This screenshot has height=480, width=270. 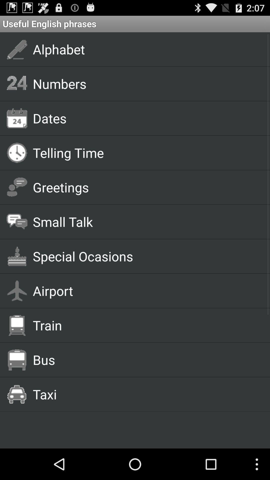 I want to click on app below useful english phrases item, so click(x=145, y=49).